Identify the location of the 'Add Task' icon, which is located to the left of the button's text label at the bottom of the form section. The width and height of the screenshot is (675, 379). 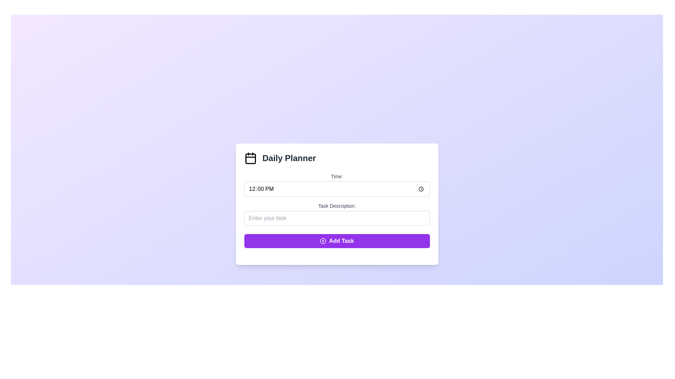
(323, 240).